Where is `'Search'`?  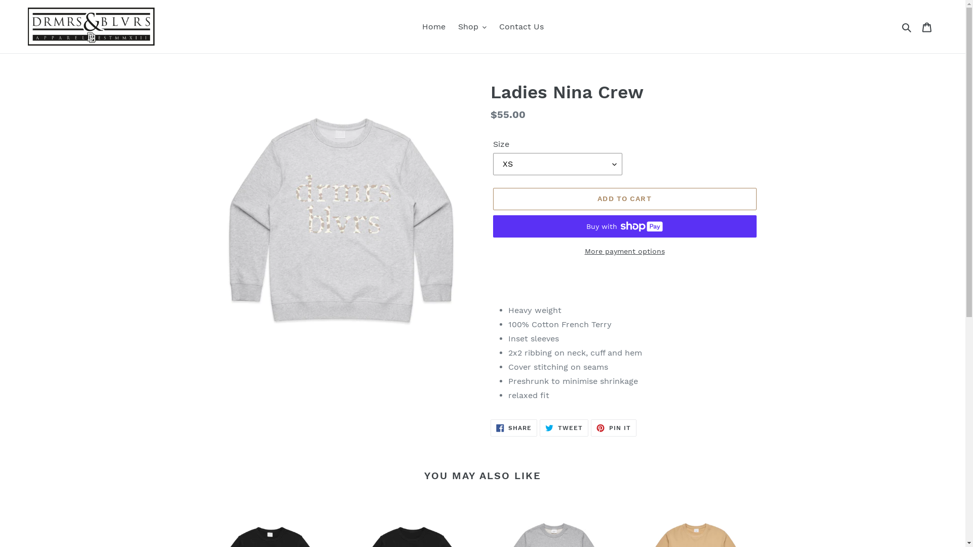
'Search' is located at coordinates (907, 26).